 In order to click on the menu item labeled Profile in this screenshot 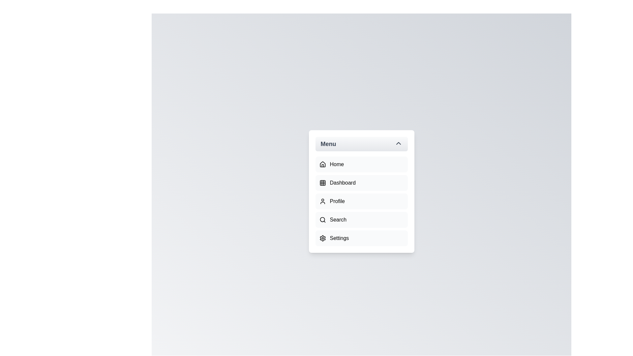, I will do `click(361, 201)`.